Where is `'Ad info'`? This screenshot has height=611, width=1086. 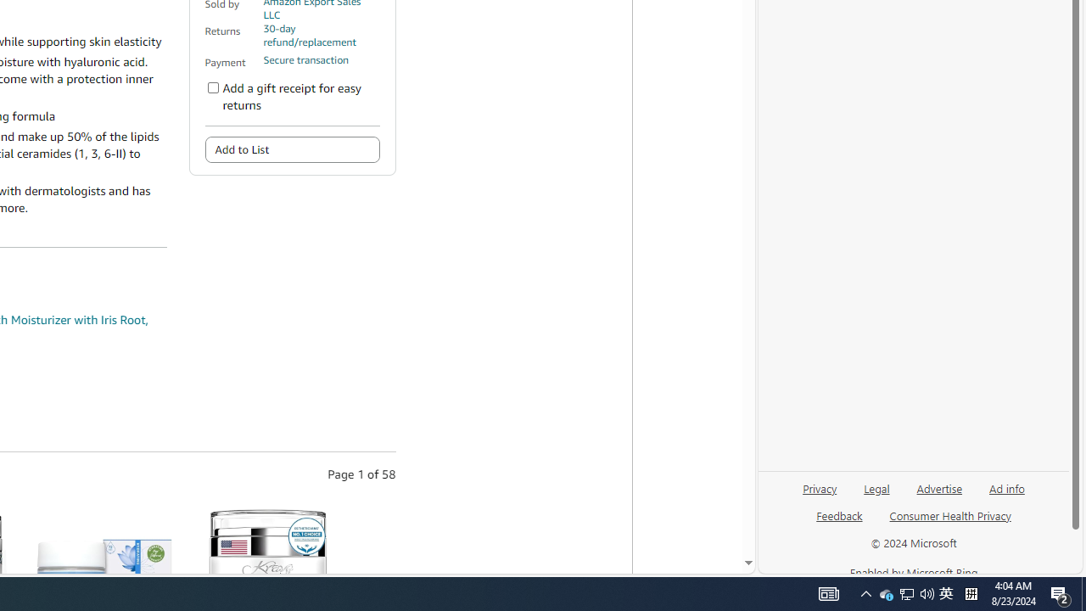
'Ad info' is located at coordinates (1007, 487).